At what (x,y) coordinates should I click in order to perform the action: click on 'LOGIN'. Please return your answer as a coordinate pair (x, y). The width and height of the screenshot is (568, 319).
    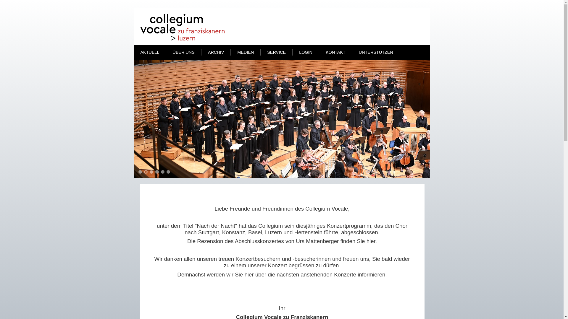
    Looking at the image, I should click on (306, 52).